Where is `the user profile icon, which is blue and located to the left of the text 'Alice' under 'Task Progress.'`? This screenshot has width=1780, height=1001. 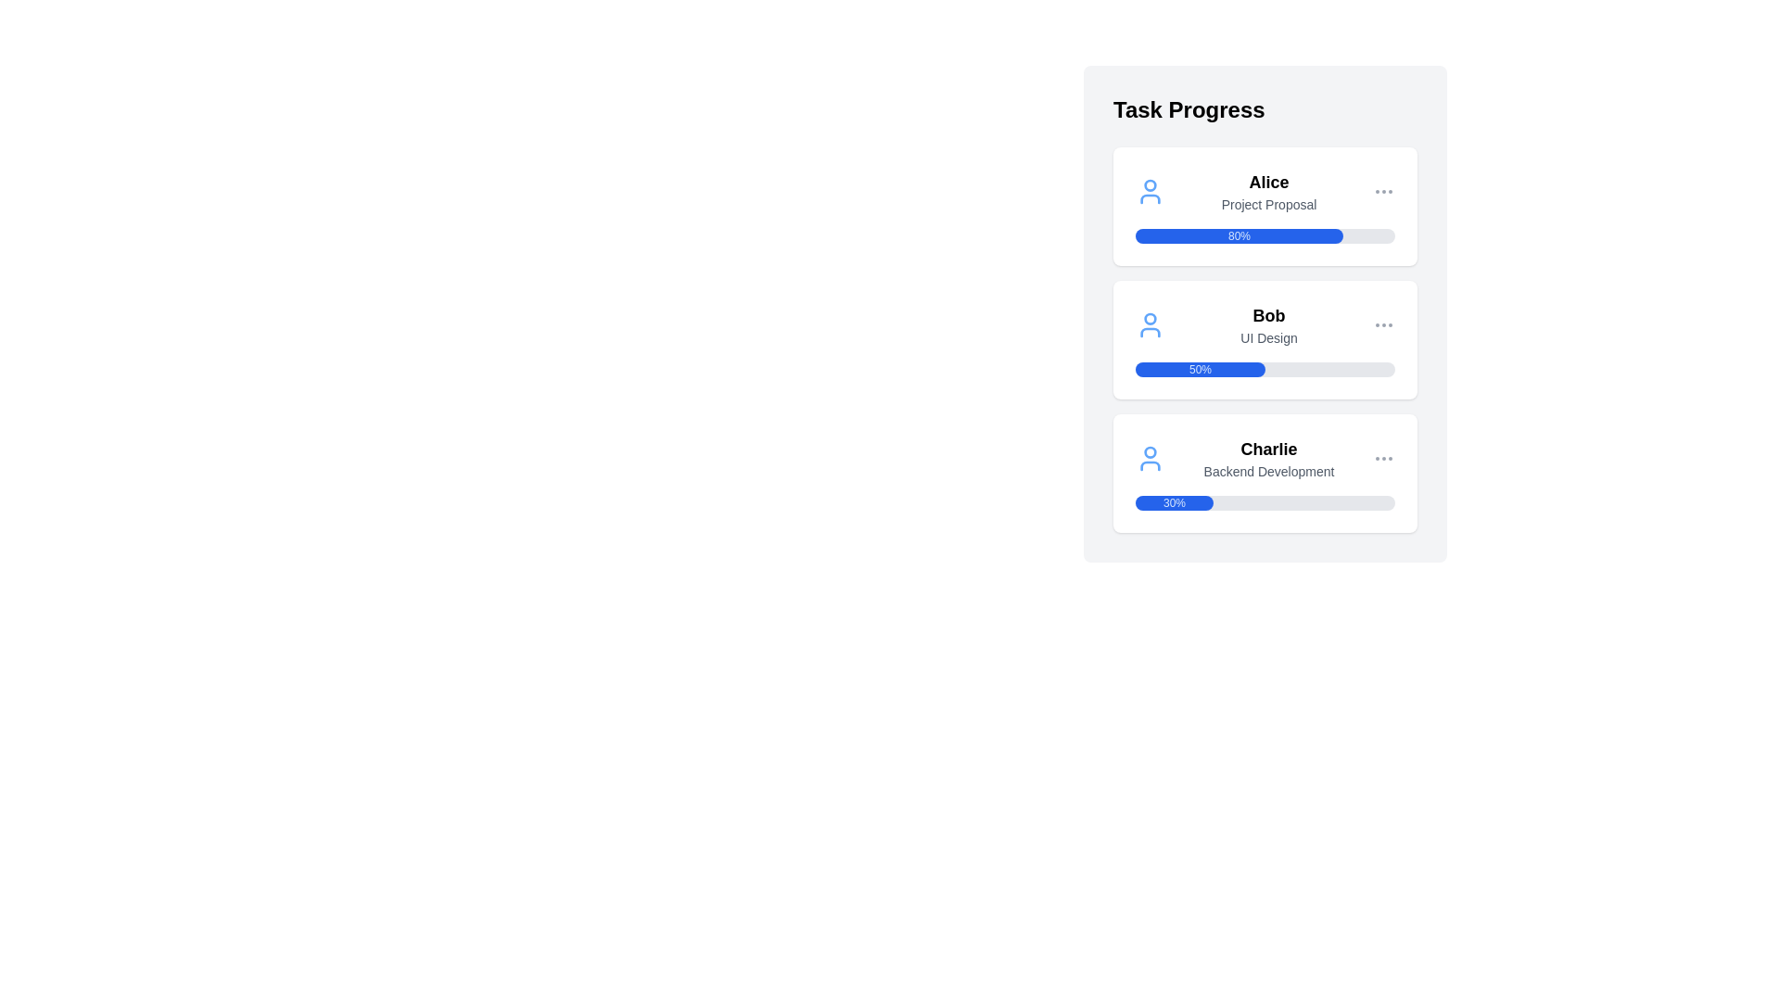 the user profile icon, which is blue and located to the left of the text 'Alice' under 'Task Progress.' is located at coordinates (1150, 192).